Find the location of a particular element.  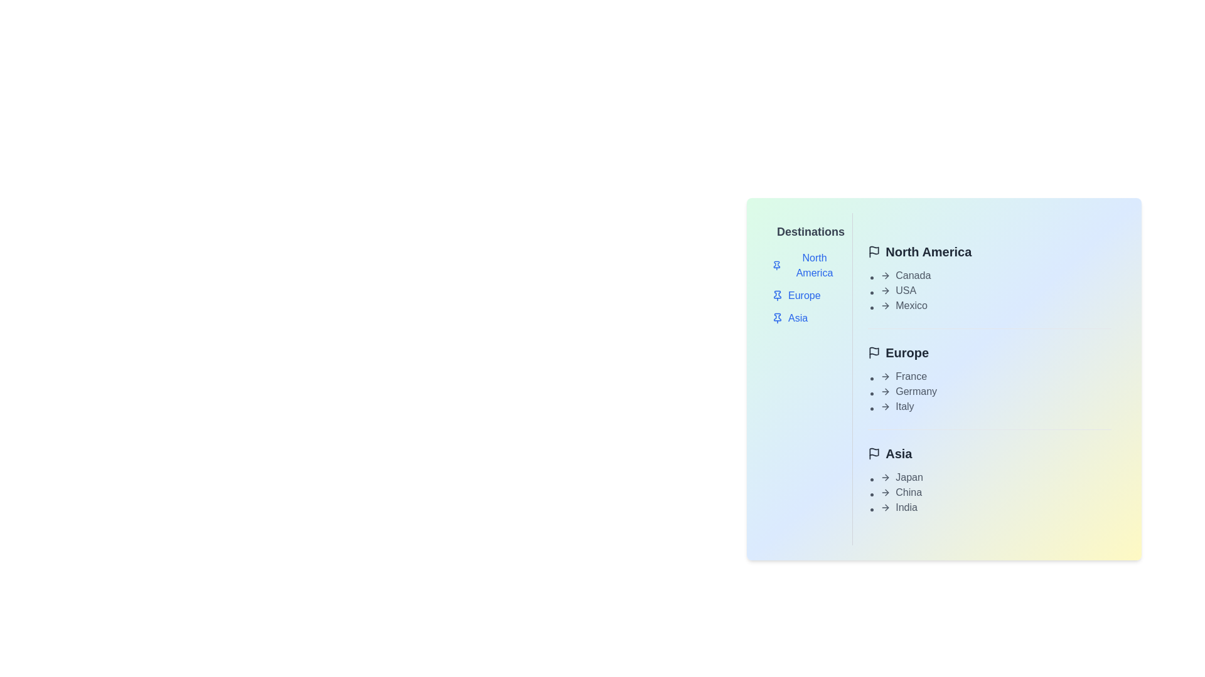

the text-based header labeled 'Europe' which is styled in bold, large gray font and accompanied by a flag icon, located in the vertical list under 'Destinations' is located at coordinates (989, 353).